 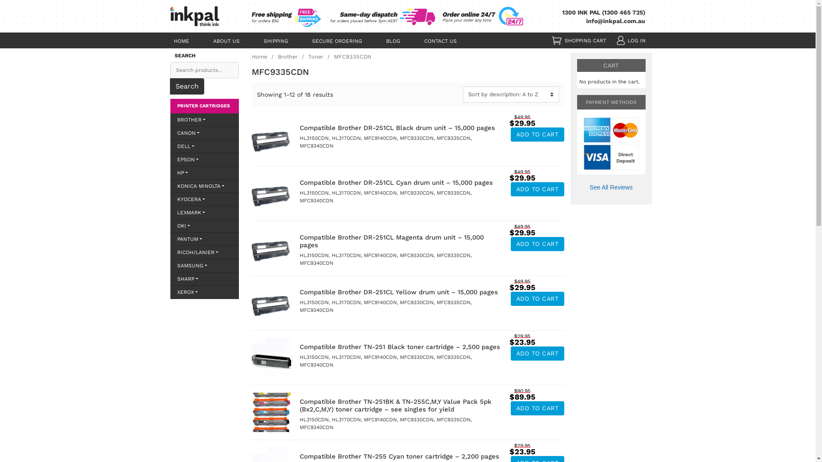 I want to click on 'KYOCERA', so click(x=170, y=199).